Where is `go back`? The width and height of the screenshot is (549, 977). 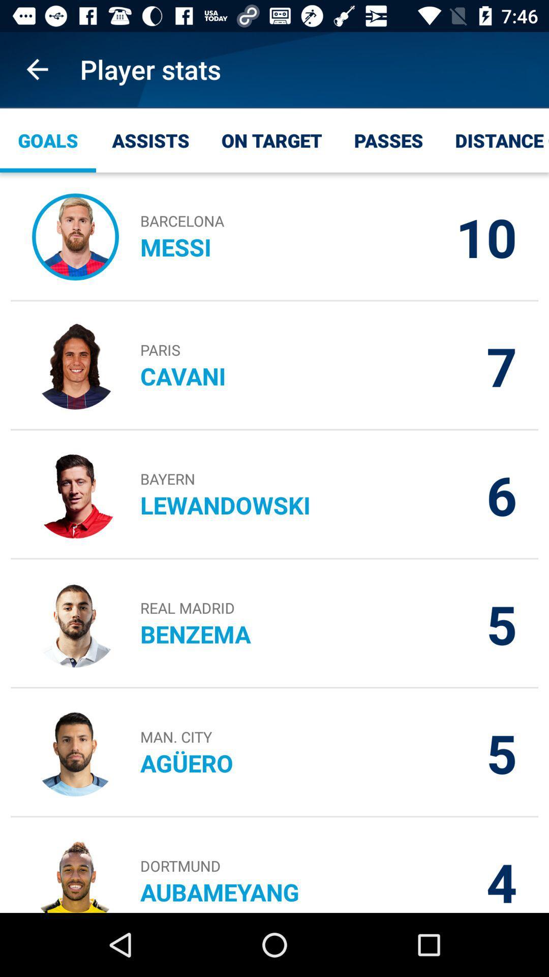
go back is located at coordinates (37, 69).